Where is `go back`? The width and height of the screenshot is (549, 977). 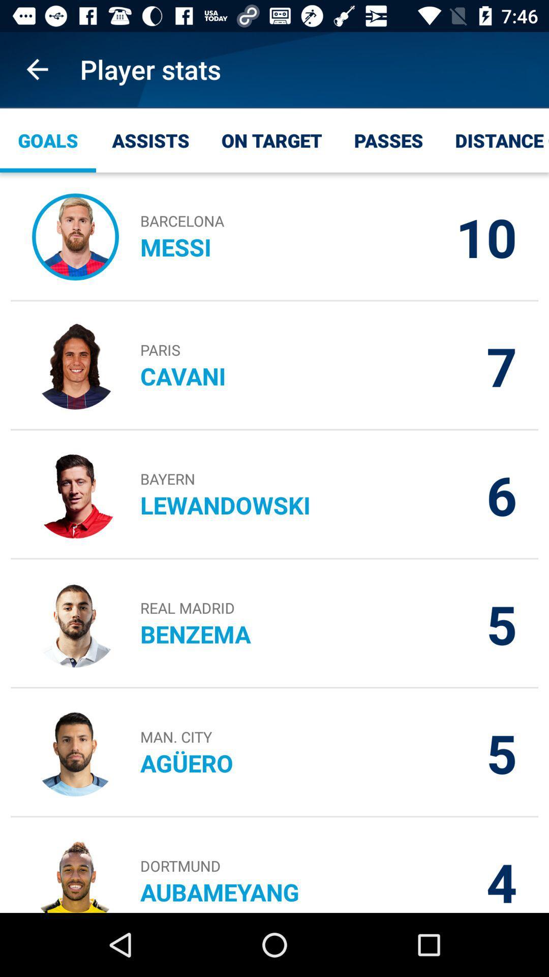
go back is located at coordinates (37, 69).